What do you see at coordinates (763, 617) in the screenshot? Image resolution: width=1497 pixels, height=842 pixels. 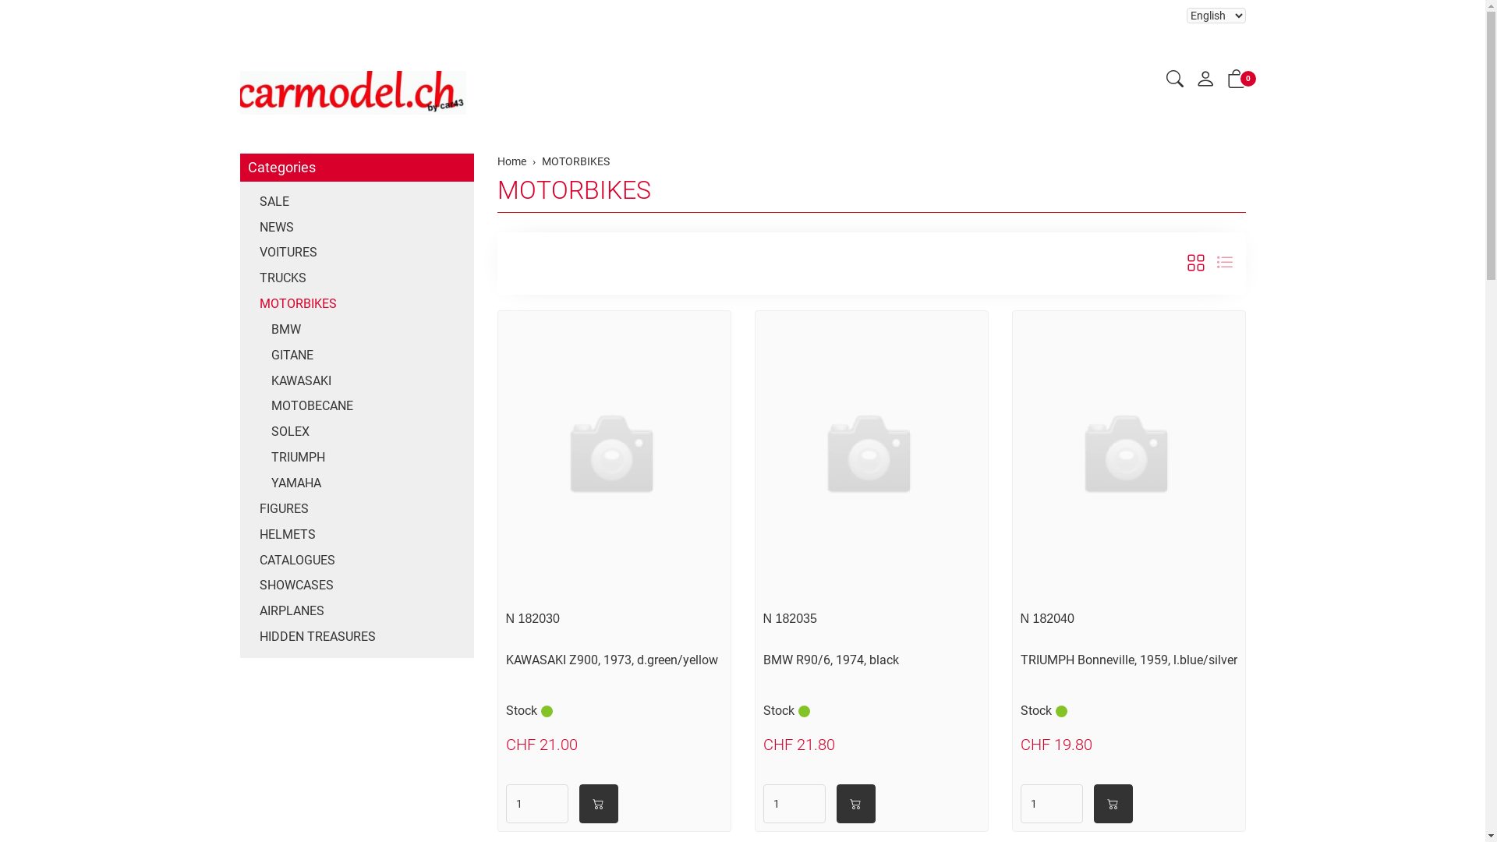 I see `'N 182035'` at bounding box center [763, 617].